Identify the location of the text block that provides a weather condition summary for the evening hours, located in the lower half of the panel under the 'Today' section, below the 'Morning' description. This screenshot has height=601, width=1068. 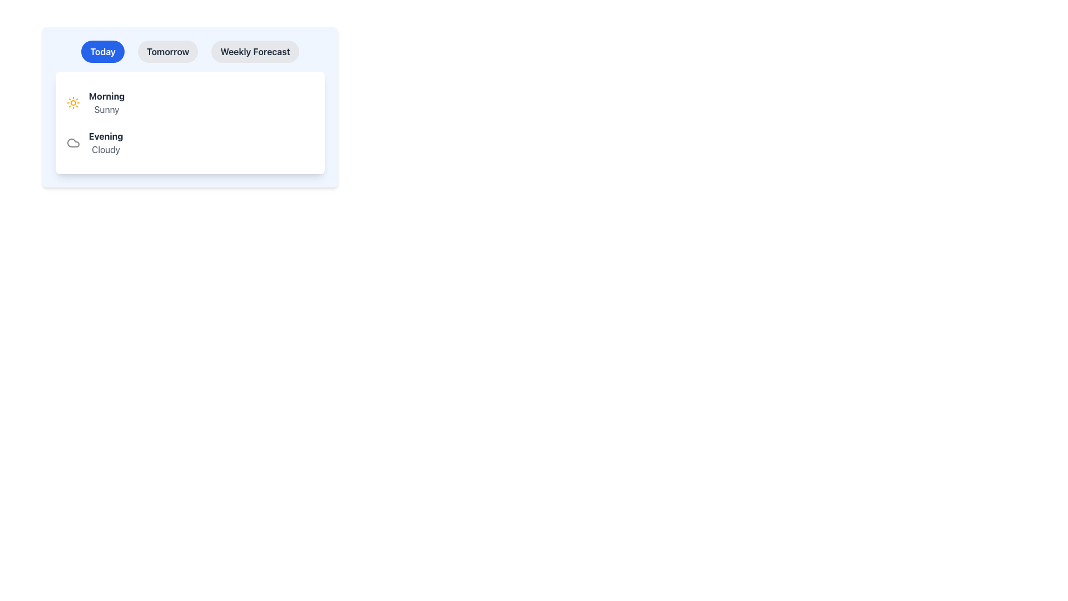
(106, 142).